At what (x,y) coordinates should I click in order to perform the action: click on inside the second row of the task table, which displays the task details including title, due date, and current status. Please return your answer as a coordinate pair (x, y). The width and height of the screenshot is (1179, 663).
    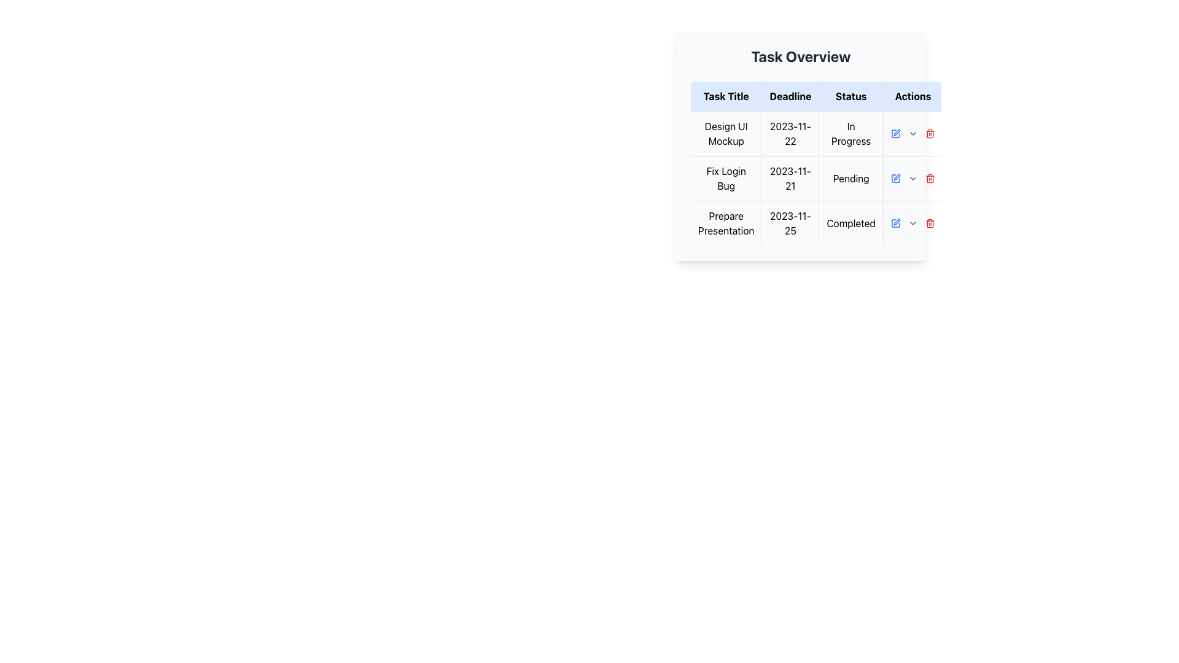
    Looking at the image, I should click on (816, 178).